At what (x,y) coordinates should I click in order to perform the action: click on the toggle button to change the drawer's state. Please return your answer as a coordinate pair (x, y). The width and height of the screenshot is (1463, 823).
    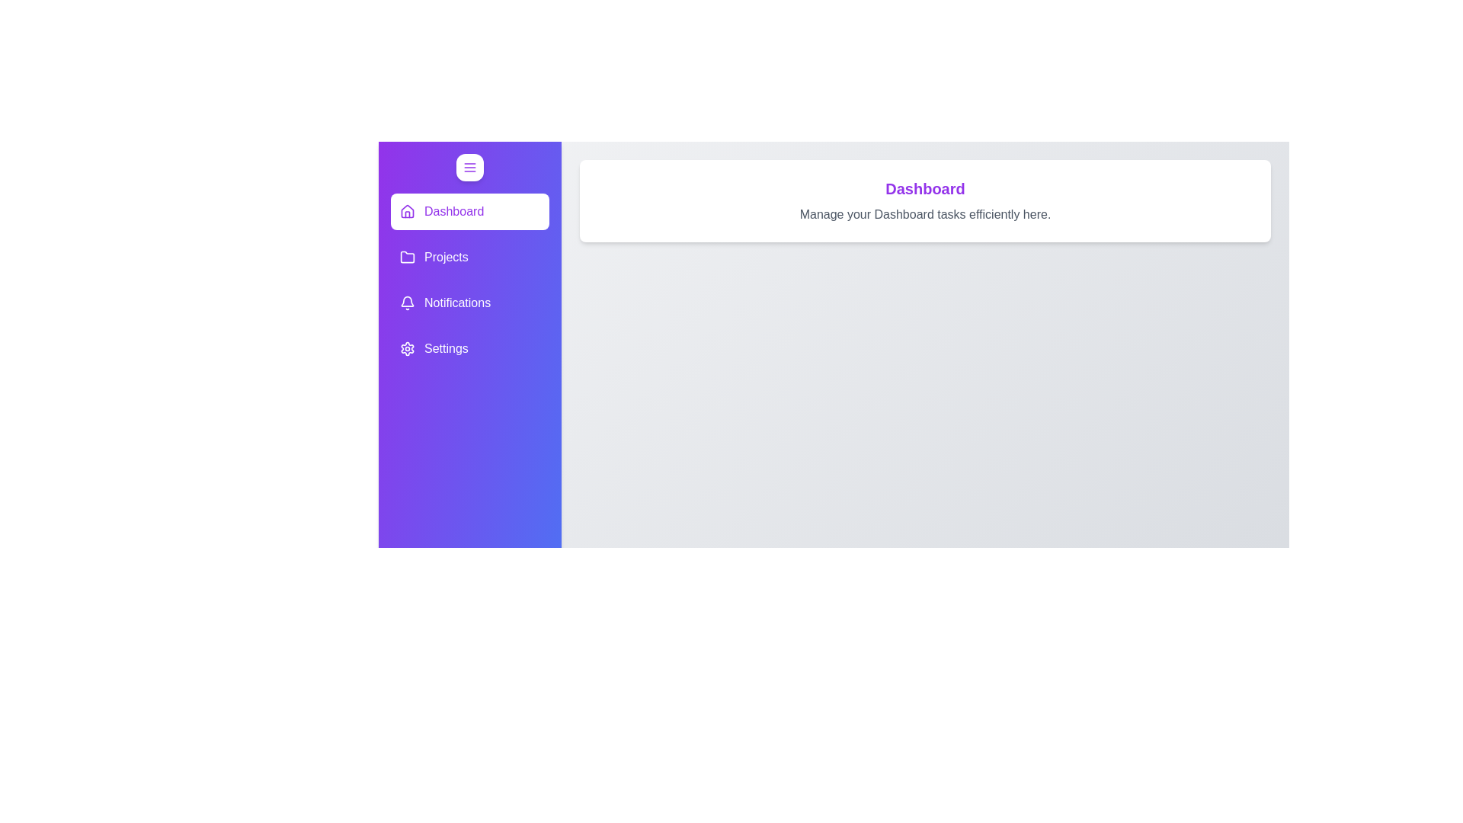
    Looking at the image, I should click on (469, 167).